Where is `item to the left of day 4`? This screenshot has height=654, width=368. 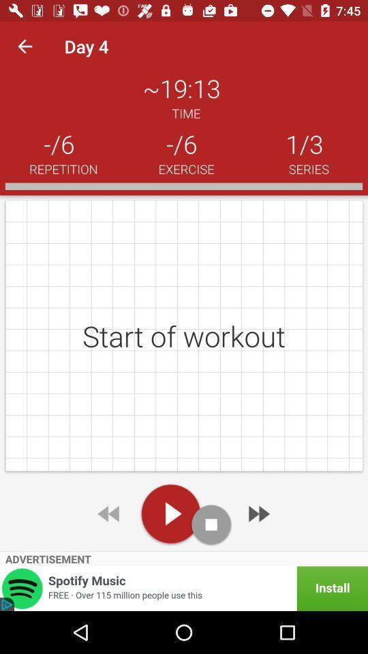 item to the left of day 4 is located at coordinates (25, 46).